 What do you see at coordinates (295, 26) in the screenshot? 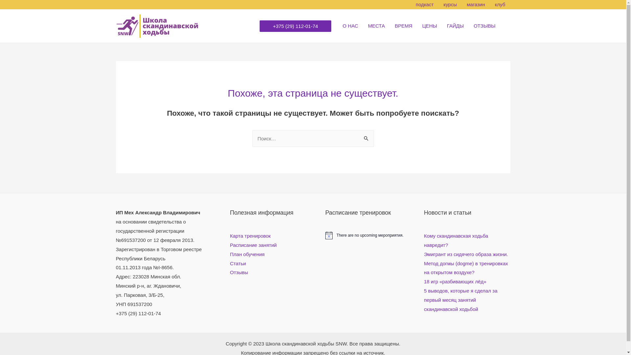
I see `'+375 (29) 112-01-74'` at bounding box center [295, 26].